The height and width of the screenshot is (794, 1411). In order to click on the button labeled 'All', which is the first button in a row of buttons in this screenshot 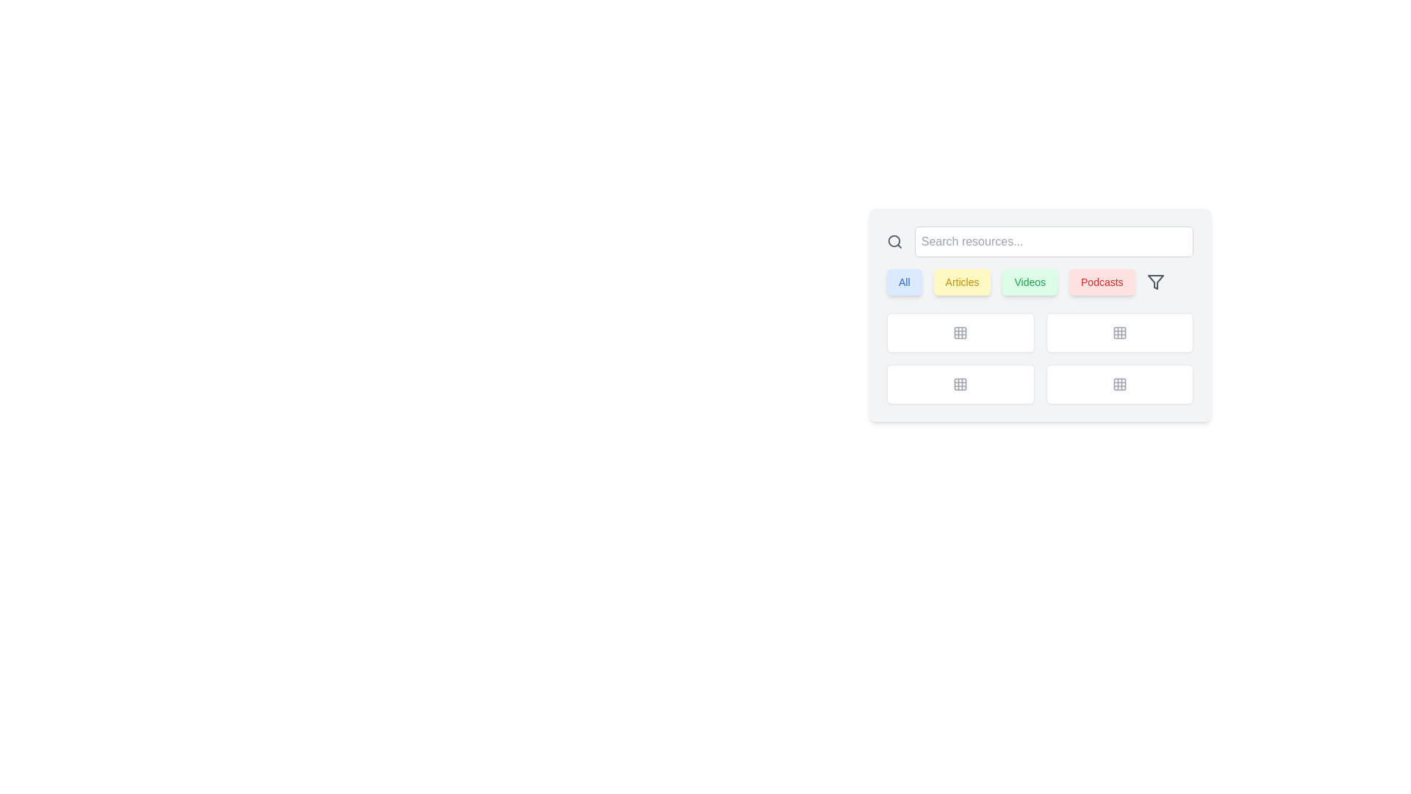, I will do `click(903, 282)`.